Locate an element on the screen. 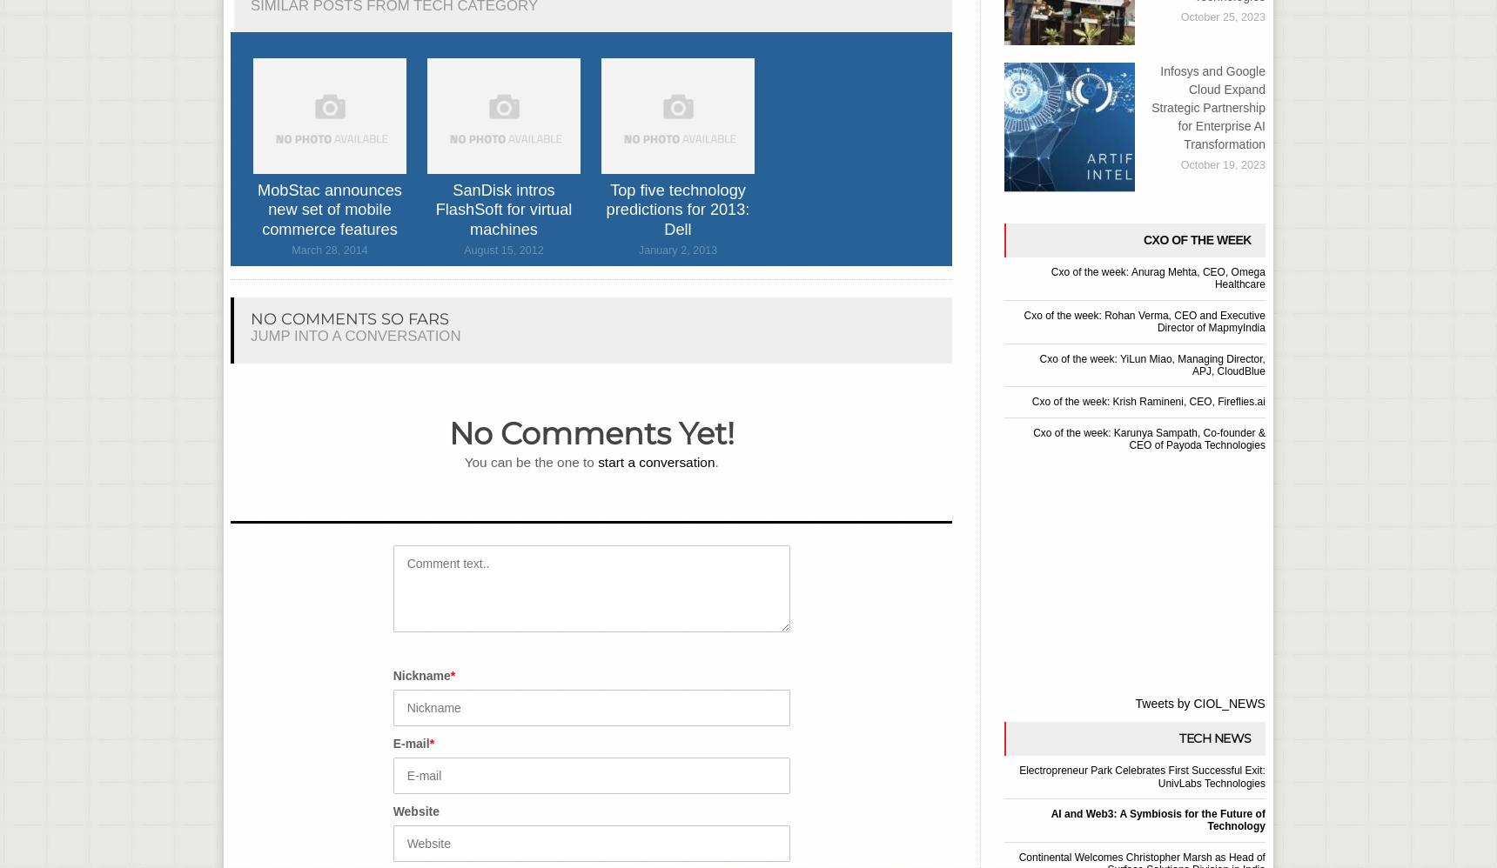 The image size is (1497, 868). '.' is located at coordinates (716, 461).